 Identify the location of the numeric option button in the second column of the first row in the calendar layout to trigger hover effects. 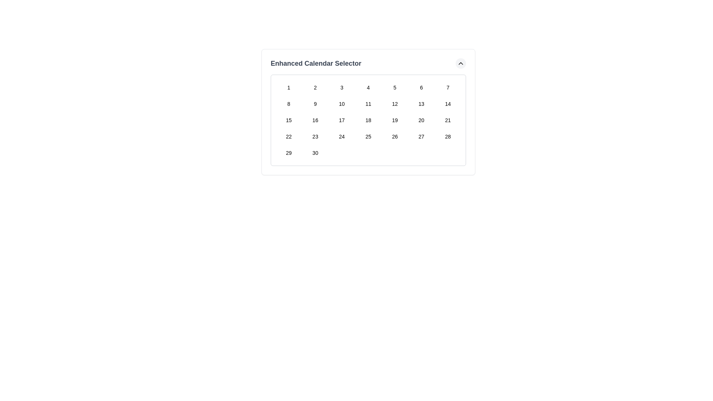
(315, 87).